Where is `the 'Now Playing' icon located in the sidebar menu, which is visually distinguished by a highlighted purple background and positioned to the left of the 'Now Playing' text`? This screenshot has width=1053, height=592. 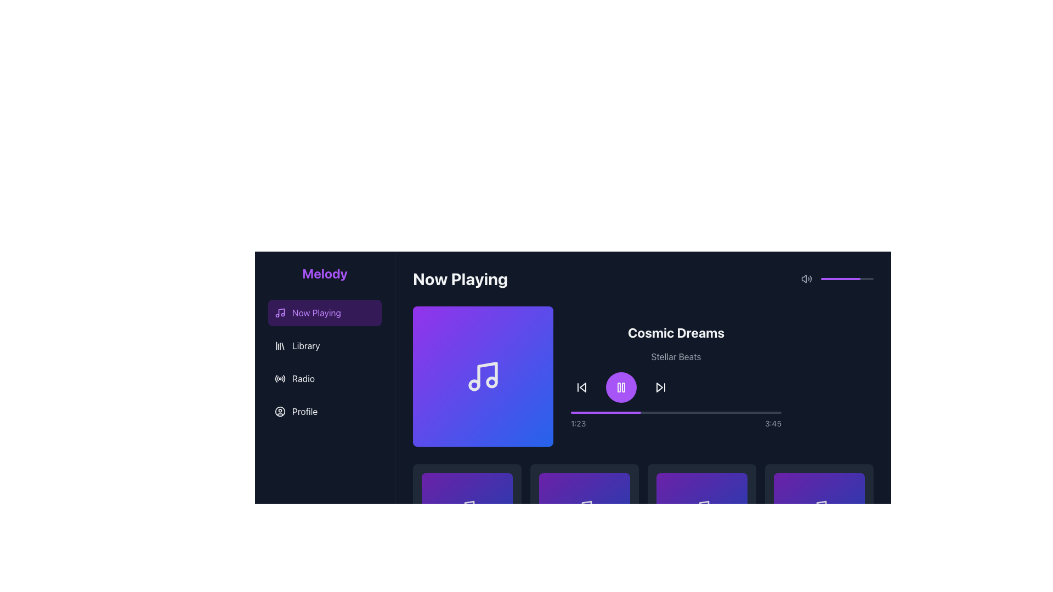
the 'Now Playing' icon located in the sidebar menu, which is visually distinguished by a highlighted purple background and positioned to the left of the 'Now Playing' text is located at coordinates (280, 312).